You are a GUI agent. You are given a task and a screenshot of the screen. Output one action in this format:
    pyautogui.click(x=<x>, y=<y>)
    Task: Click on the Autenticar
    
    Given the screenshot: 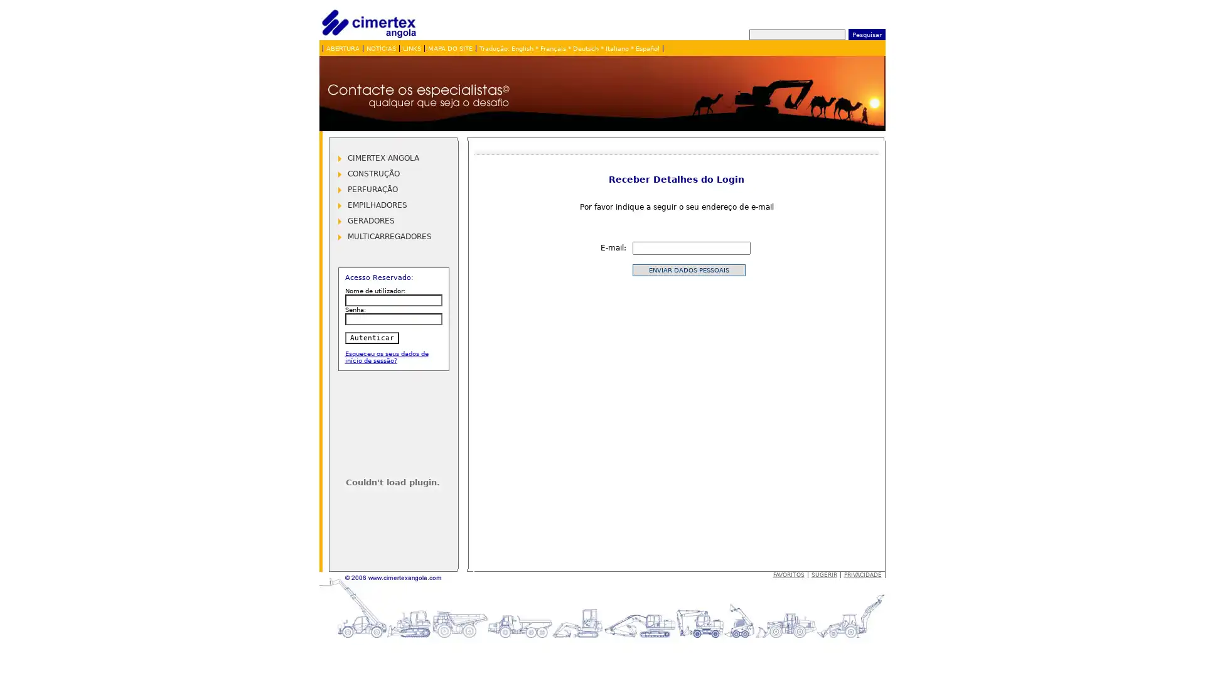 What is the action you would take?
    pyautogui.click(x=370, y=337)
    